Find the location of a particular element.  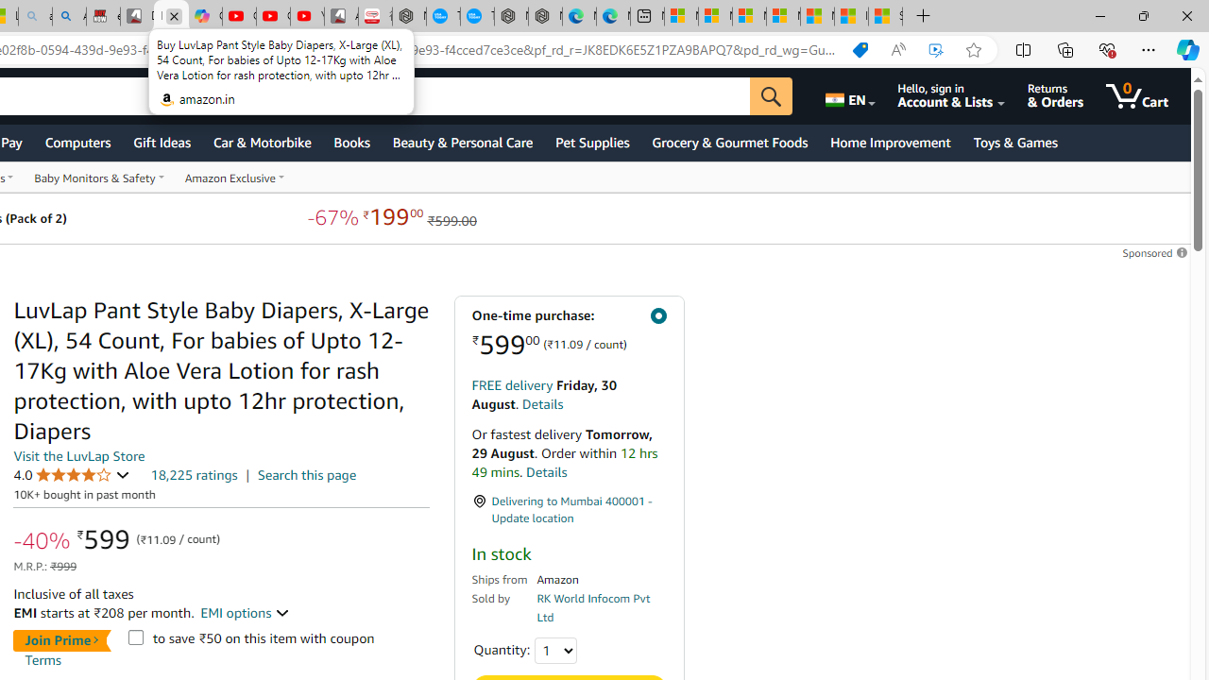

'YouTube Kids - An App Created for Kids to Explore Content' is located at coordinates (307, 16).